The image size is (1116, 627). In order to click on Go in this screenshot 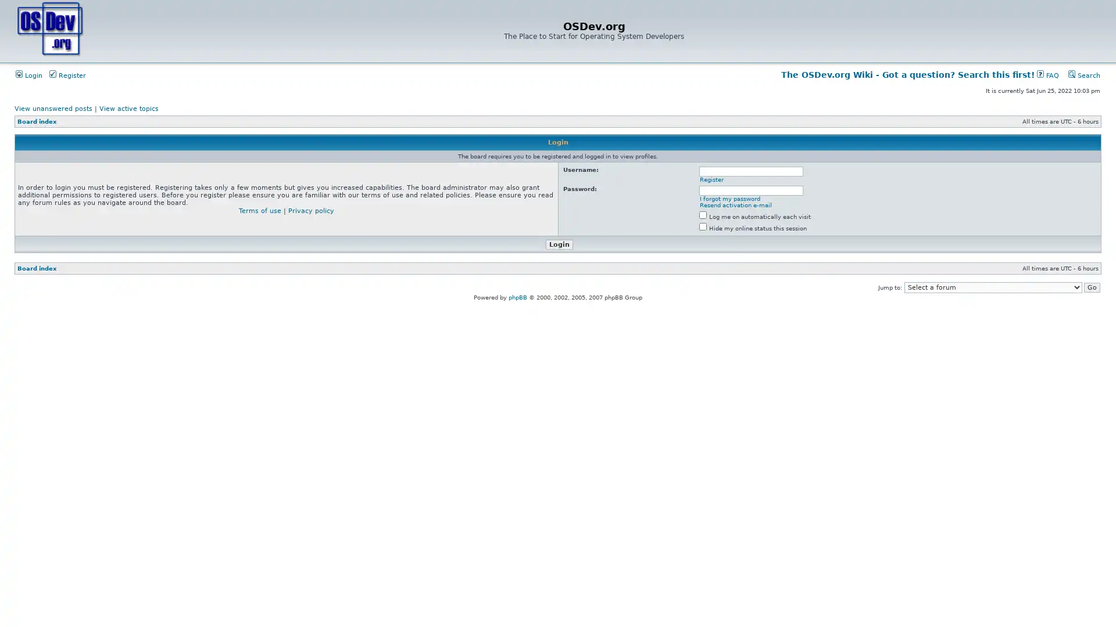, I will do `click(1091, 287)`.